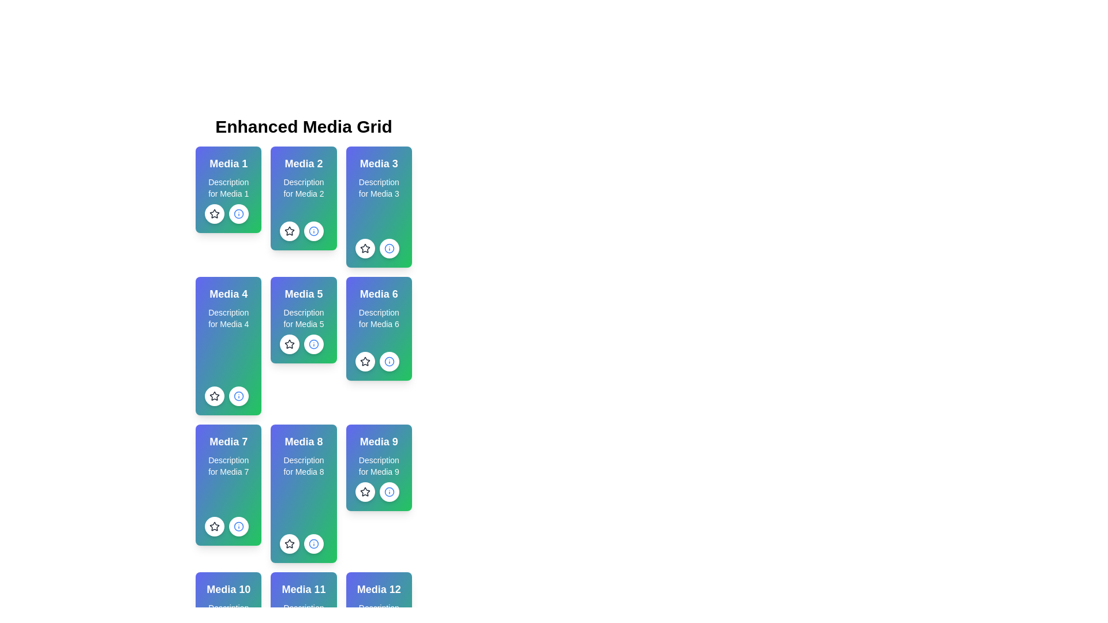  I want to click on the button located at the bottom-right corner of the card labeled 'Media 6', so click(389, 361).